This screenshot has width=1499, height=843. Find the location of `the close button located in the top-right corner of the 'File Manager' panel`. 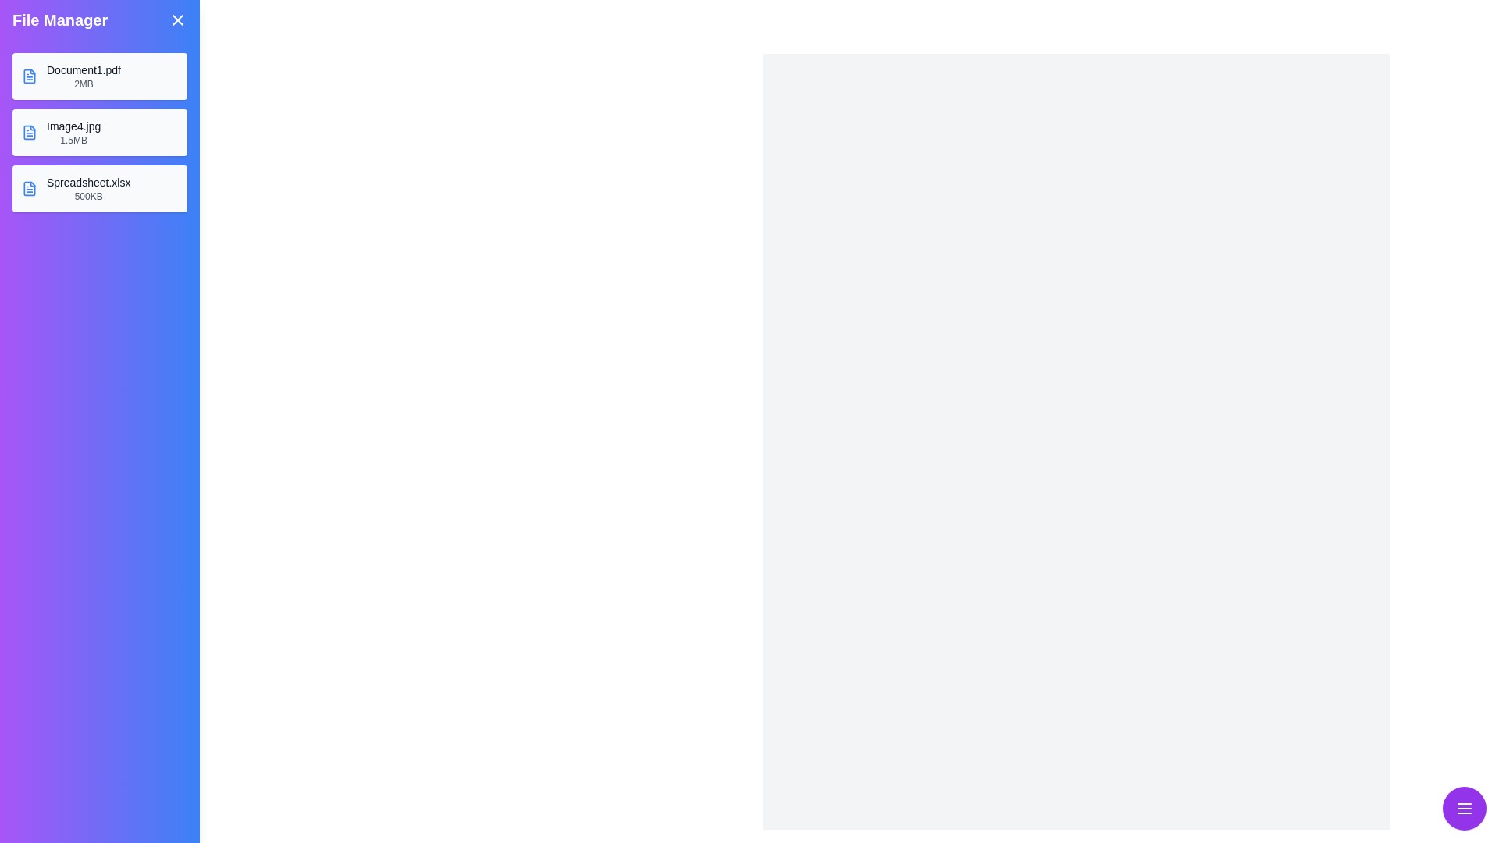

the close button located in the top-right corner of the 'File Manager' panel is located at coordinates (177, 20).